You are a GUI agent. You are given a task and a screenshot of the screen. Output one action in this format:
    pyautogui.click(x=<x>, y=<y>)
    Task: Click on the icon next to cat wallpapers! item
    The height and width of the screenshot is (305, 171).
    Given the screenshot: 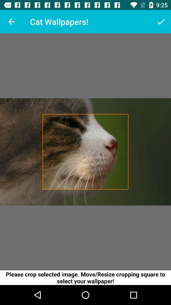 What is the action you would take?
    pyautogui.click(x=161, y=22)
    